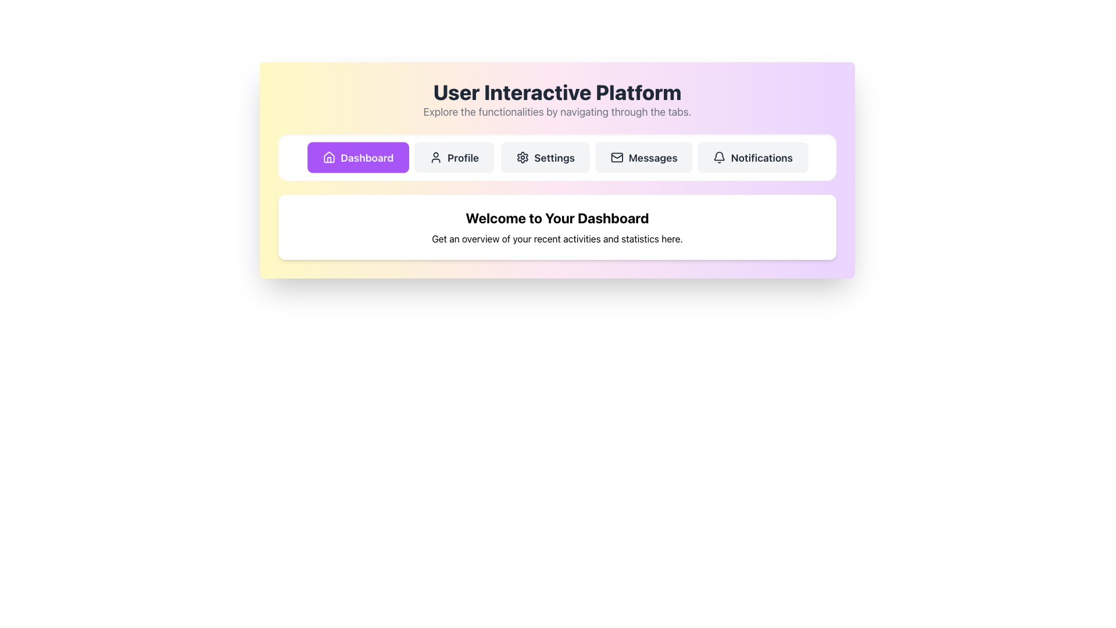 The image size is (1116, 628). Describe the element at coordinates (454, 157) in the screenshot. I see `the button located in the navigation bar that is positioned immediately to the right of the 'Dashboard' button and to the left of the 'Settings' button` at that location.